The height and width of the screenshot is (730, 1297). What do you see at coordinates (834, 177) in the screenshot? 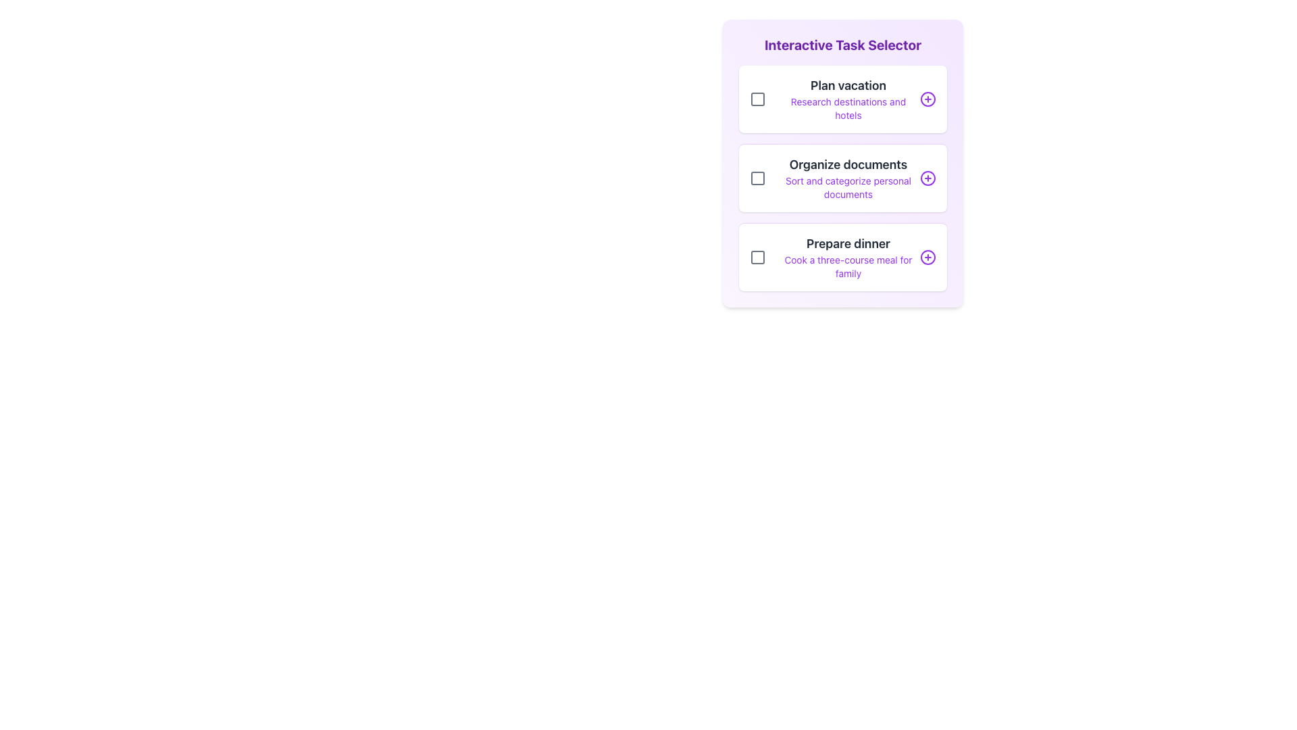
I see `the Composite component containing the title 'Organize documents', the checkbox, and the plus (+) icon for additional context` at bounding box center [834, 177].